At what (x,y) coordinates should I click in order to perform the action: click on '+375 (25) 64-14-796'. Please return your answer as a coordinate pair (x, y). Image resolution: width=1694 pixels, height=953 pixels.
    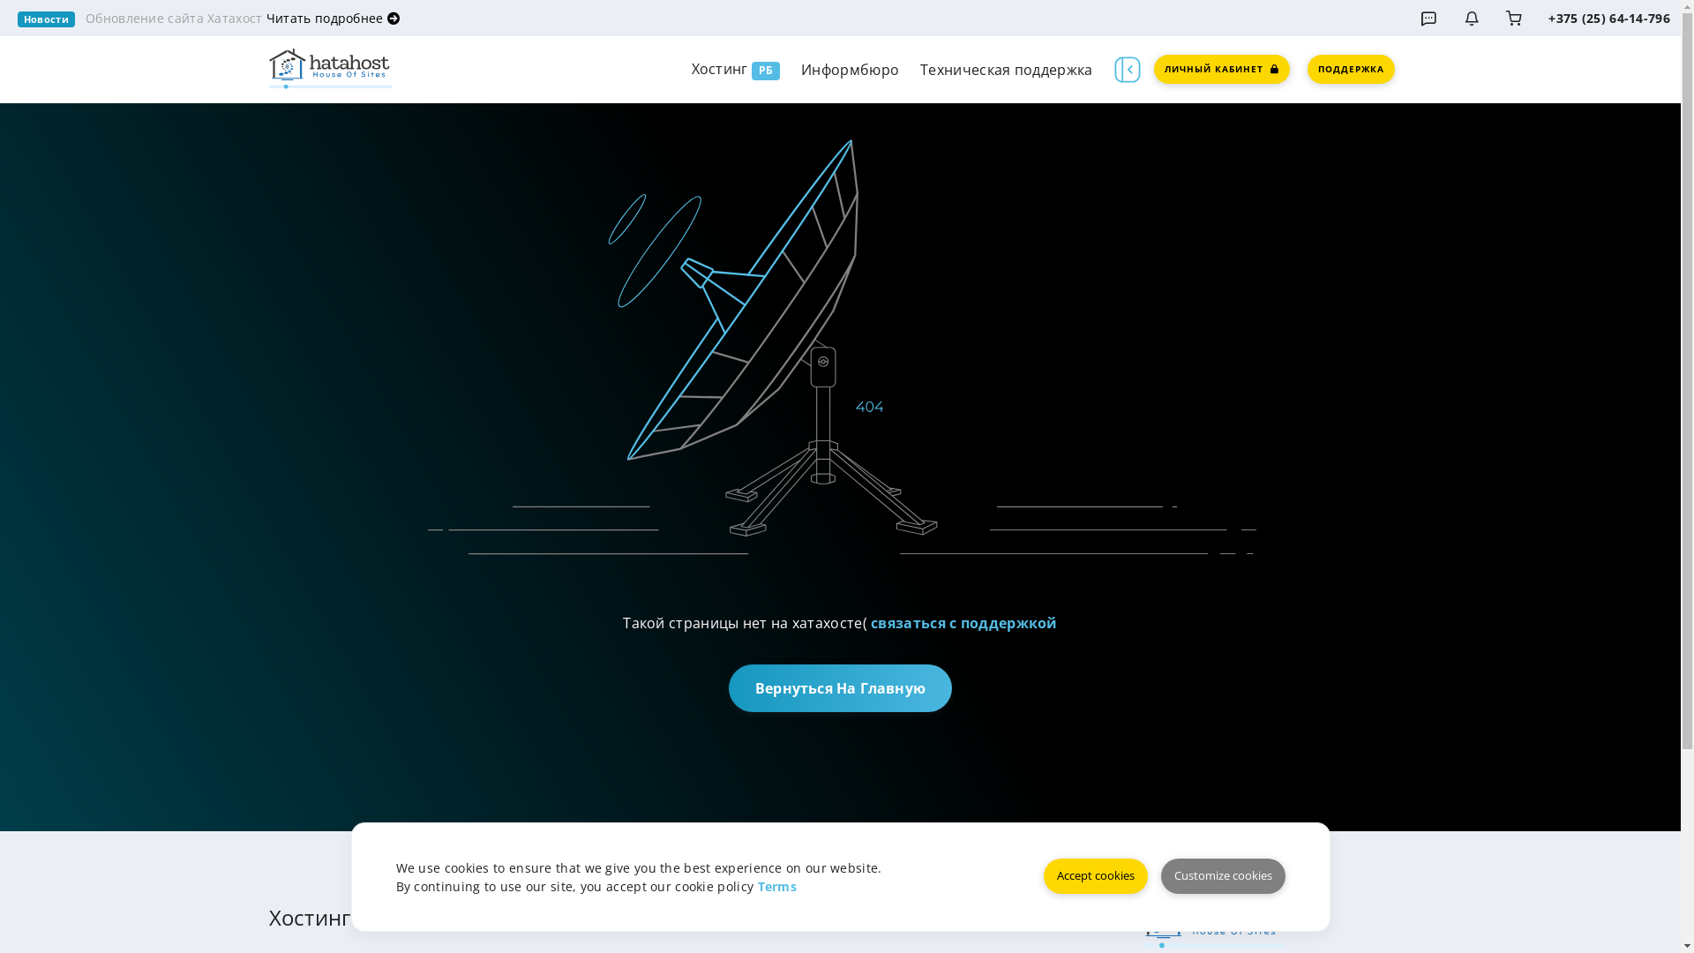
    Looking at the image, I should click on (1609, 18).